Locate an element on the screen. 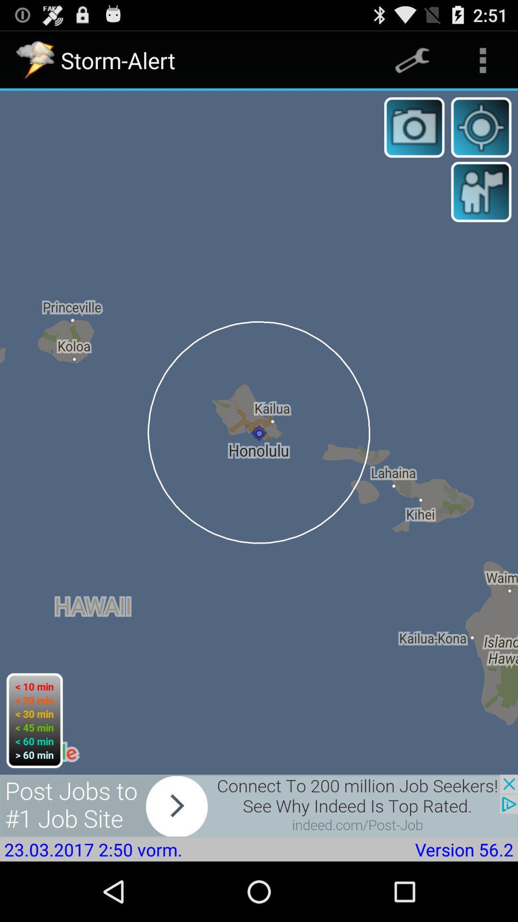 Image resolution: width=518 pixels, height=922 pixels. advertisement is located at coordinates (259, 806).